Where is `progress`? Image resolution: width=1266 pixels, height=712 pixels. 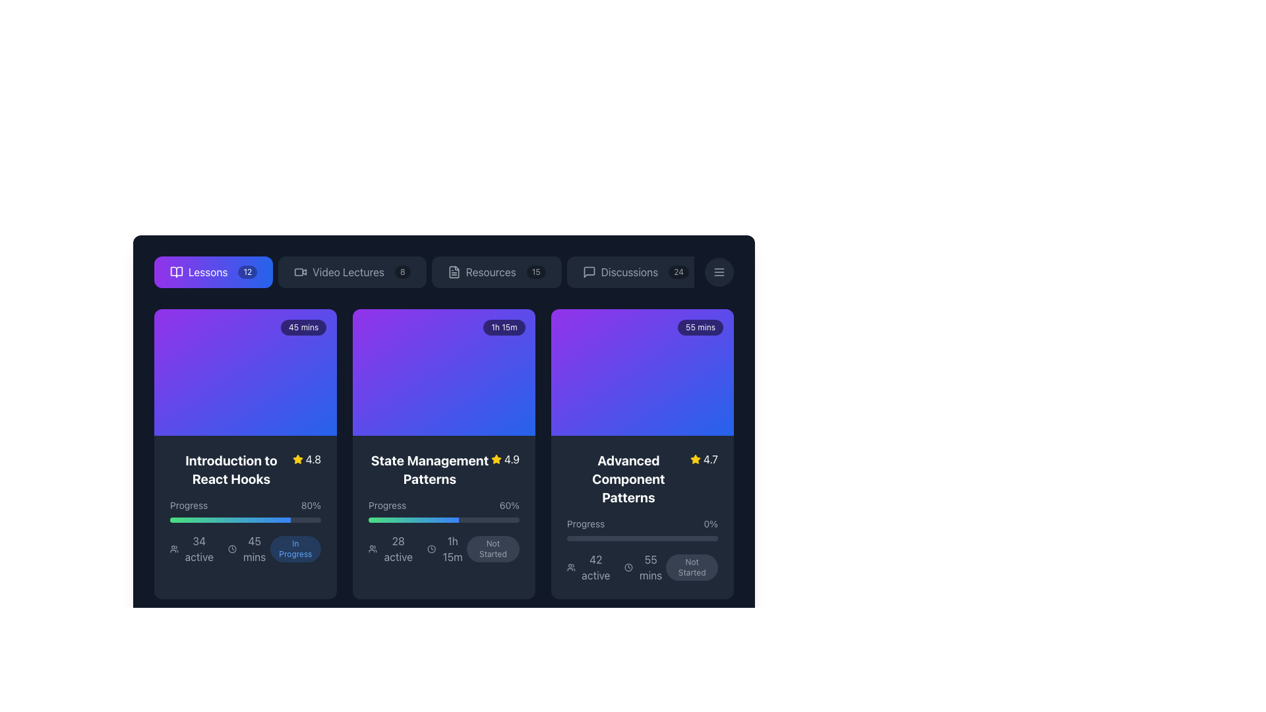
progress is located at coordinates (183, 519).